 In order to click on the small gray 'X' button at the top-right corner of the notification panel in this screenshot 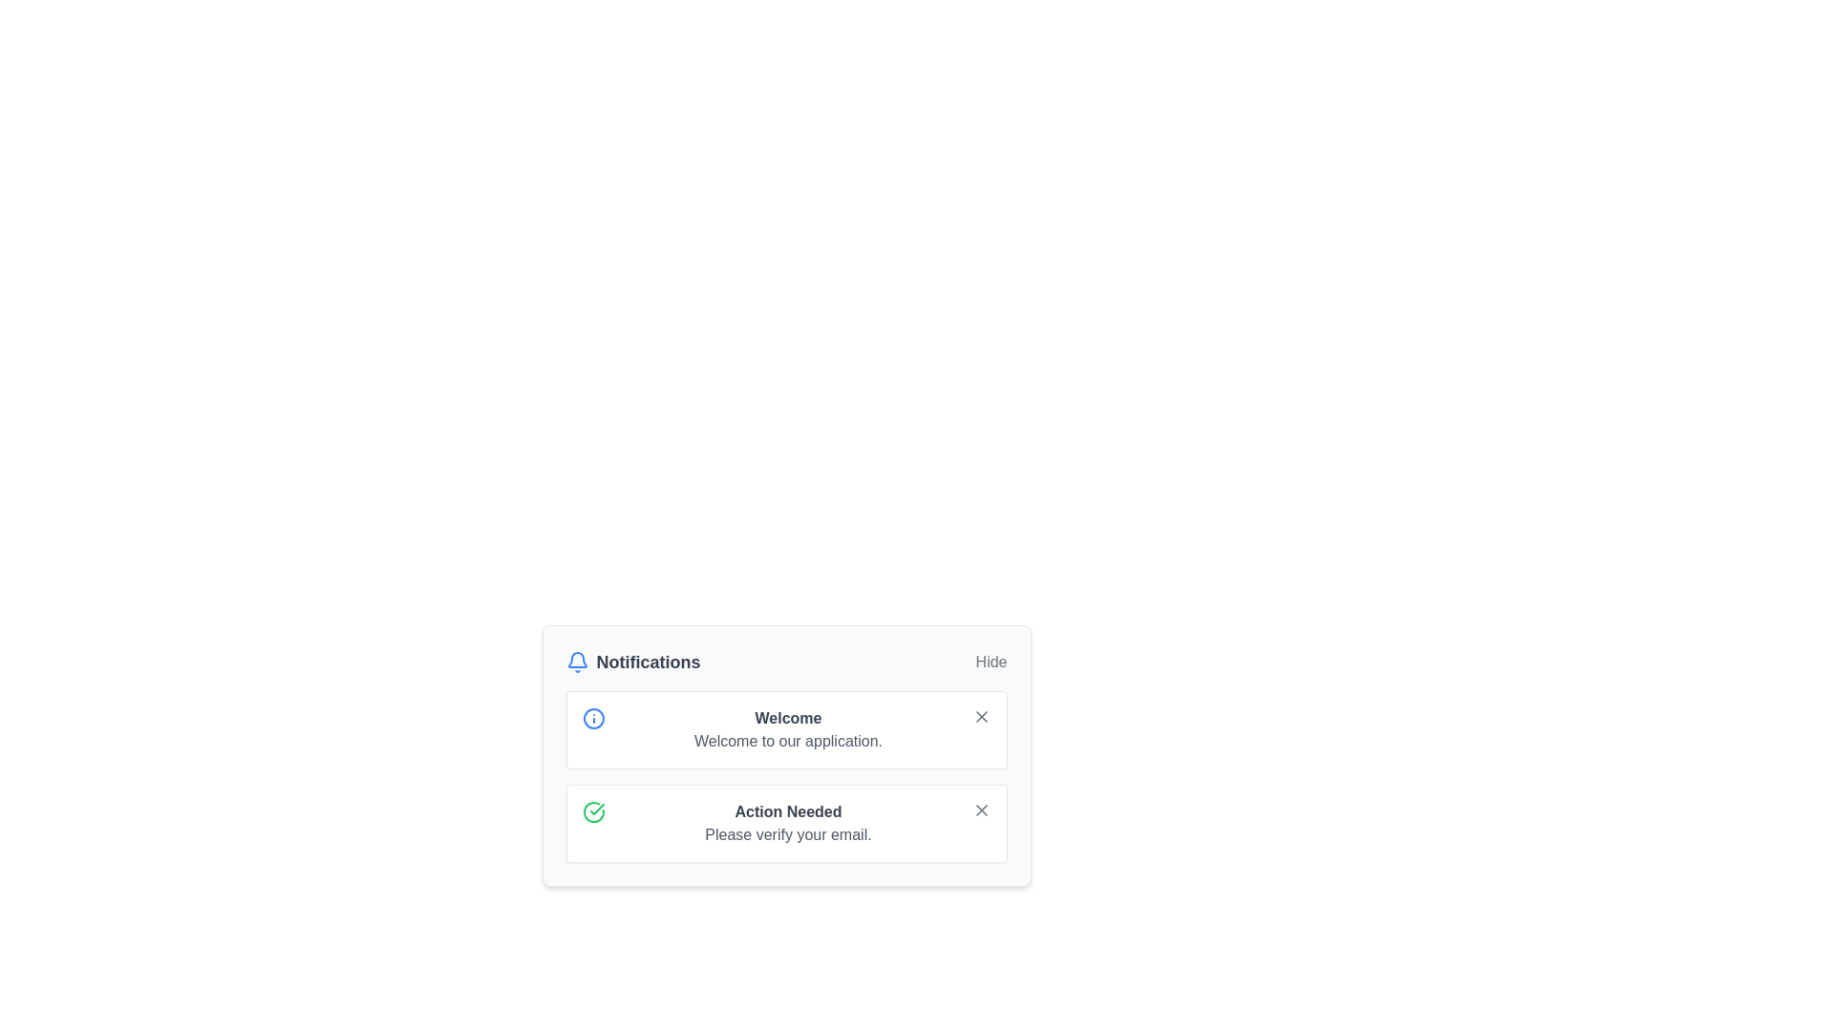, I will do `click(981, 717)`.